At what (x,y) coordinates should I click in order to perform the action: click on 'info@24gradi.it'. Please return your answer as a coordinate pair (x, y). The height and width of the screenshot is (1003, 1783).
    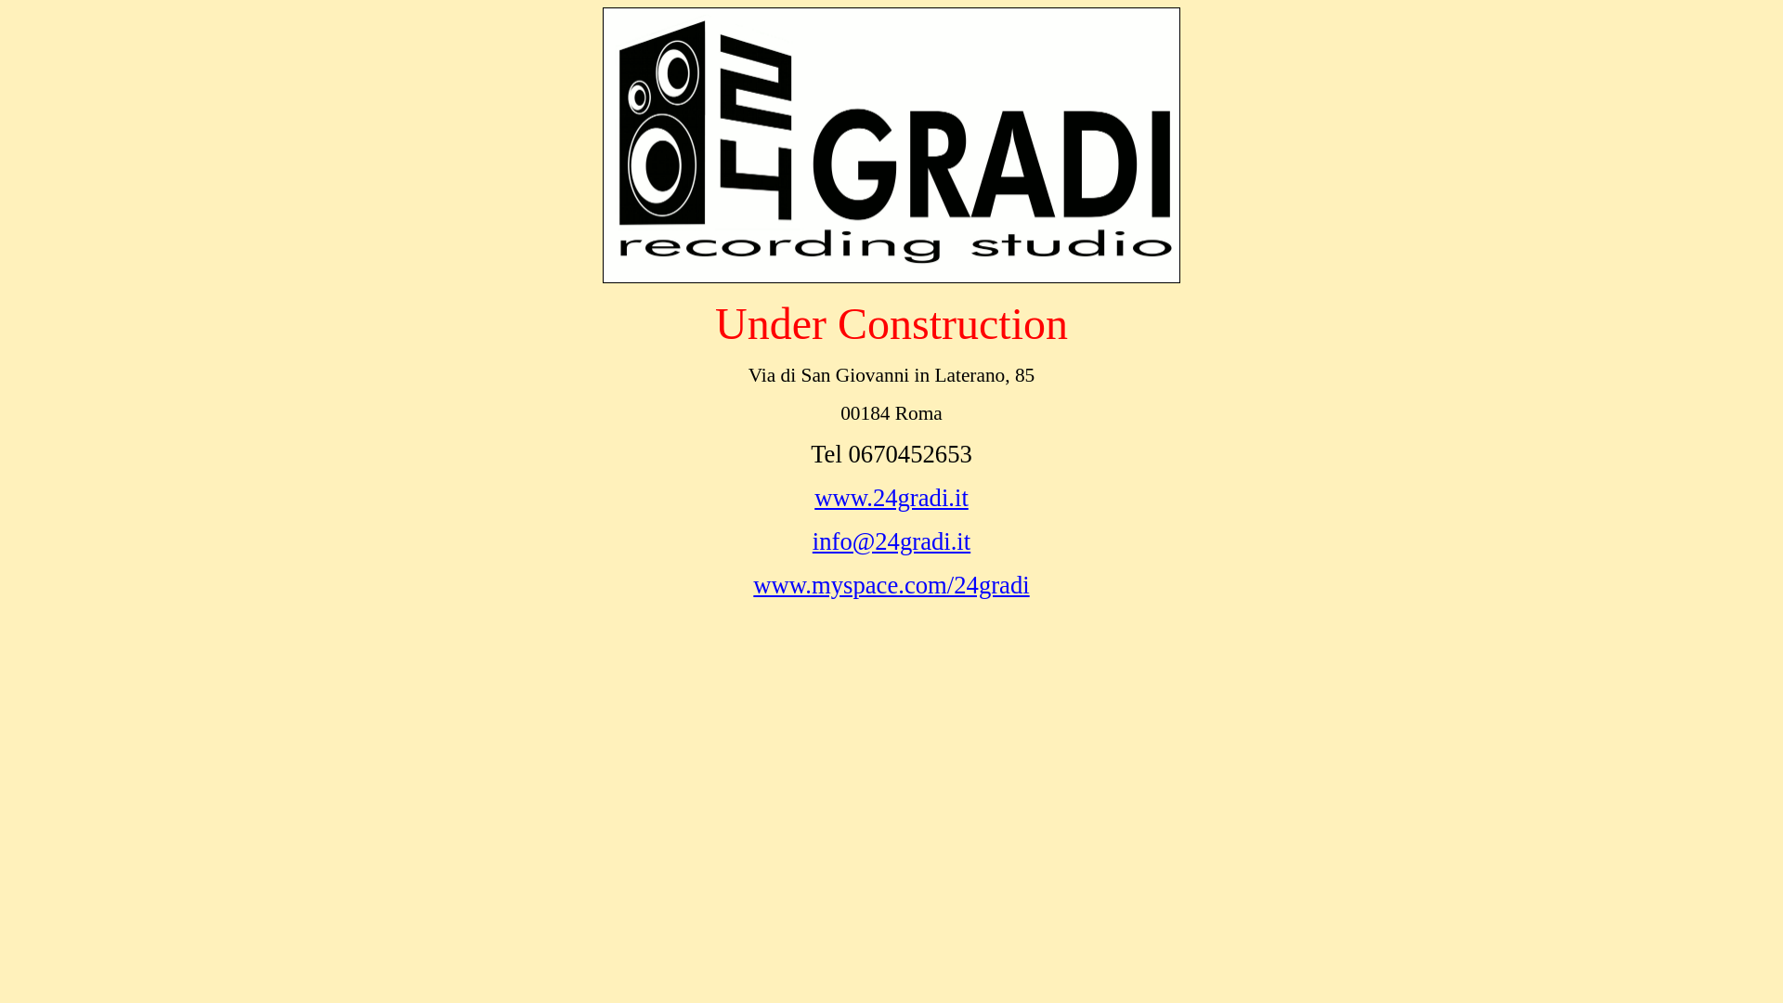
    Looking at the image, I should click on (891, 541).